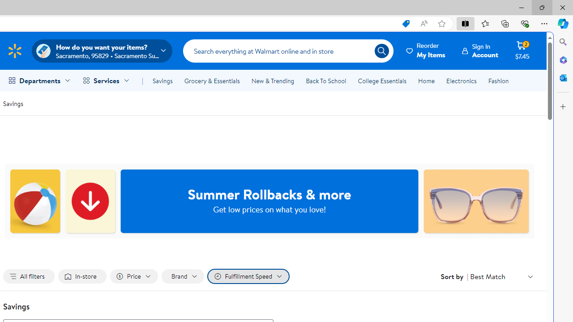 The image size is (573, 322). Describe the element at coordinates (522, 51) in the screenshot. I see `'Cart contains 2 items Total Amount $7.45'` at that location.